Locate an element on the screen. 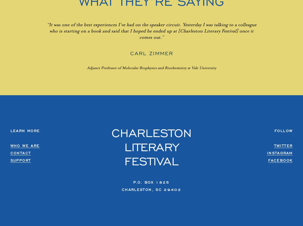 This screenshot has width=303, height=226. 'P.O. box 1825' is located at coordinates (151, 182).